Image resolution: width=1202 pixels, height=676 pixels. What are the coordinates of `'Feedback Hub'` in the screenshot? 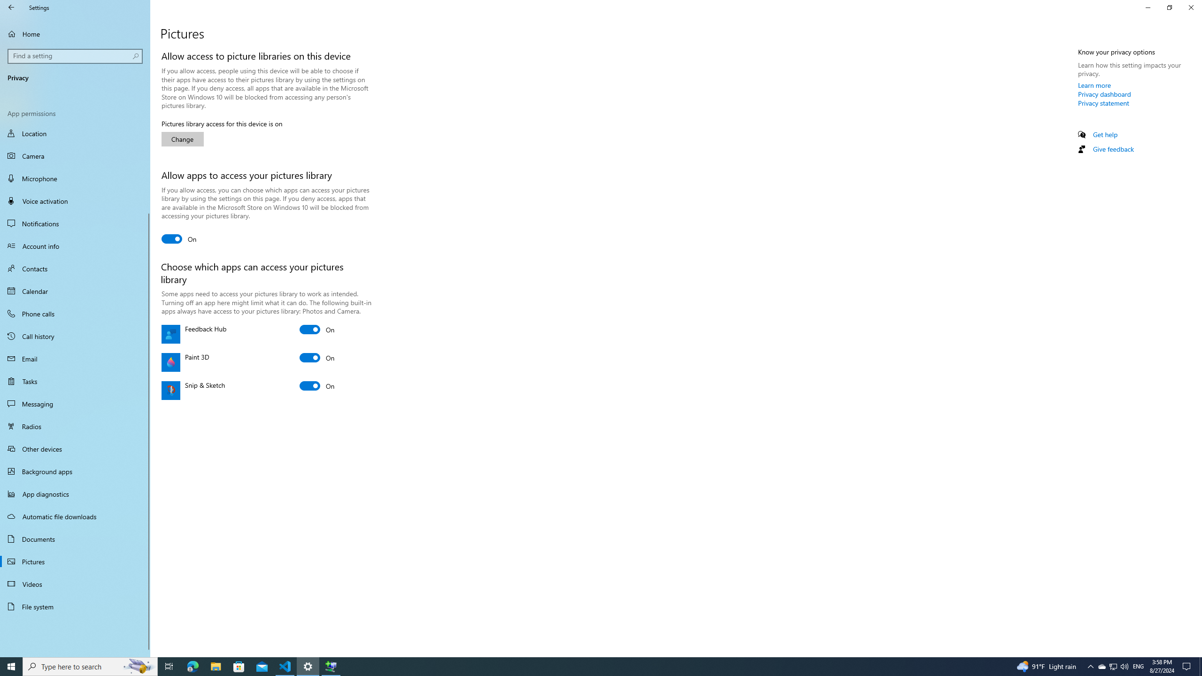 It's located at (316, 329).